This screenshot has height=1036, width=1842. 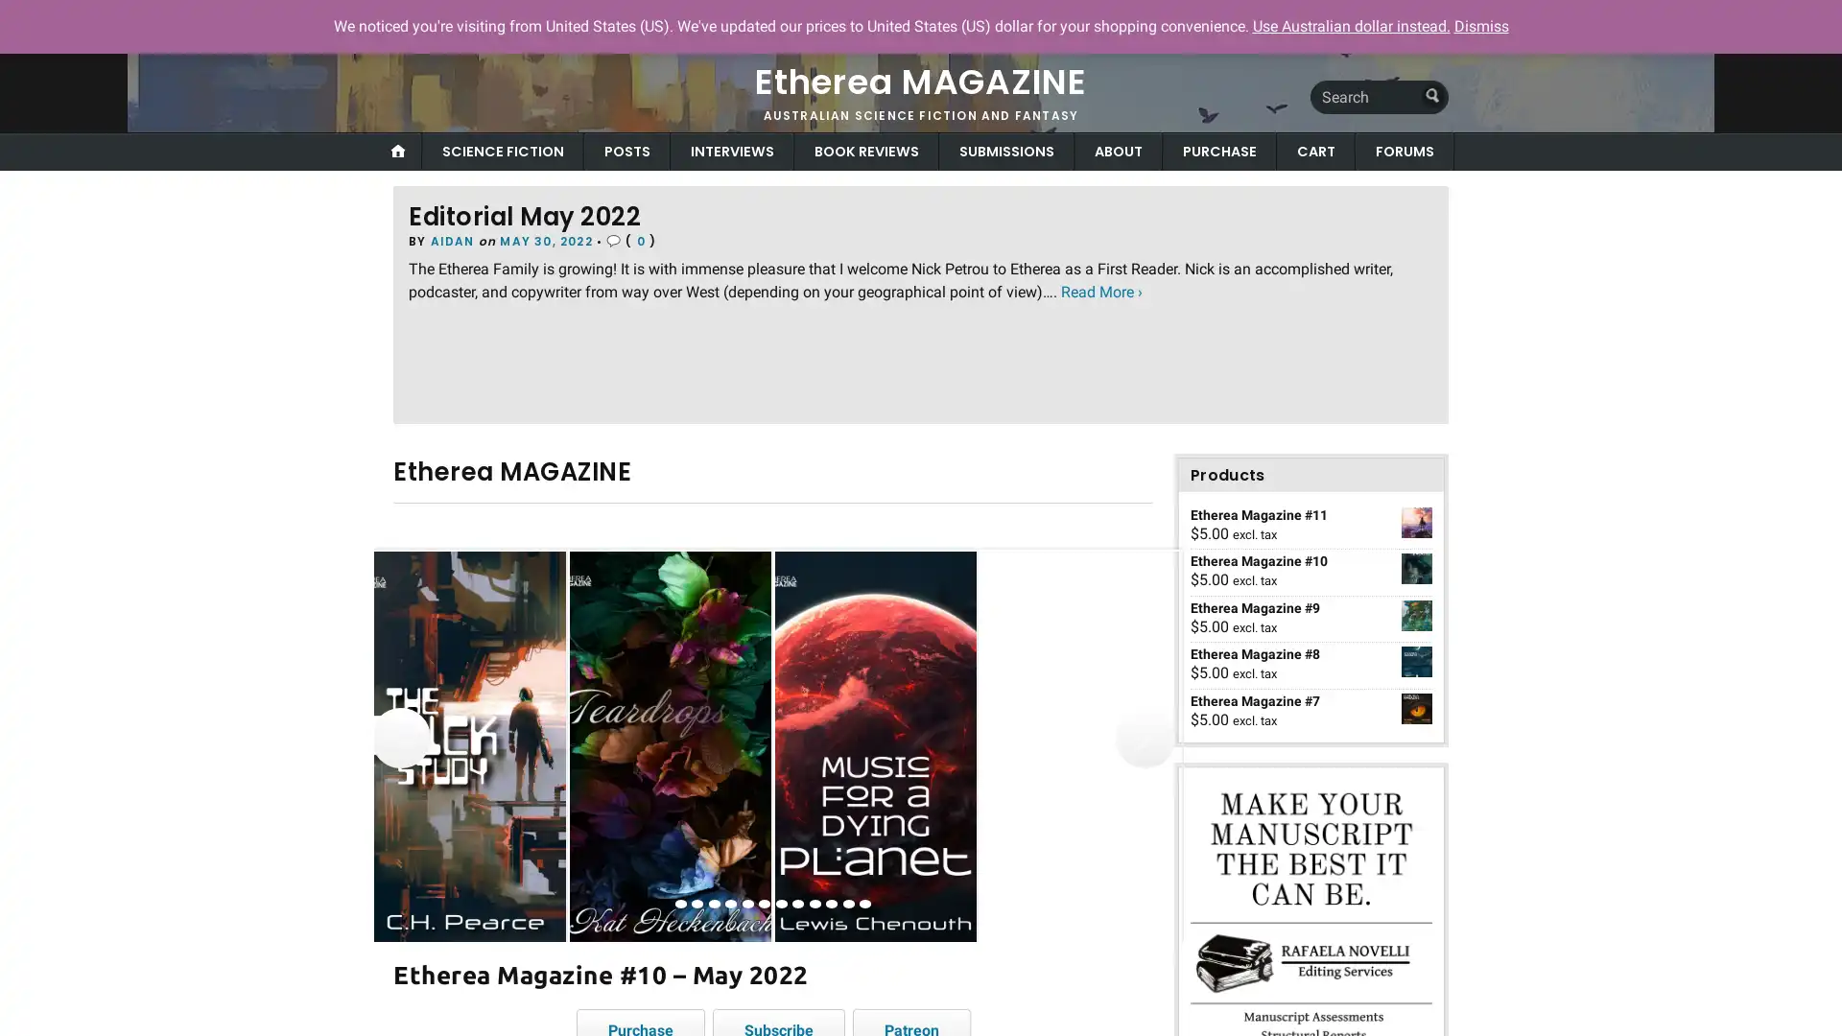 What do you see at coordinates (781, 903) in the screenshot?
I see `view image 7 of 12 in carousel` at bounding box center [781, 903].